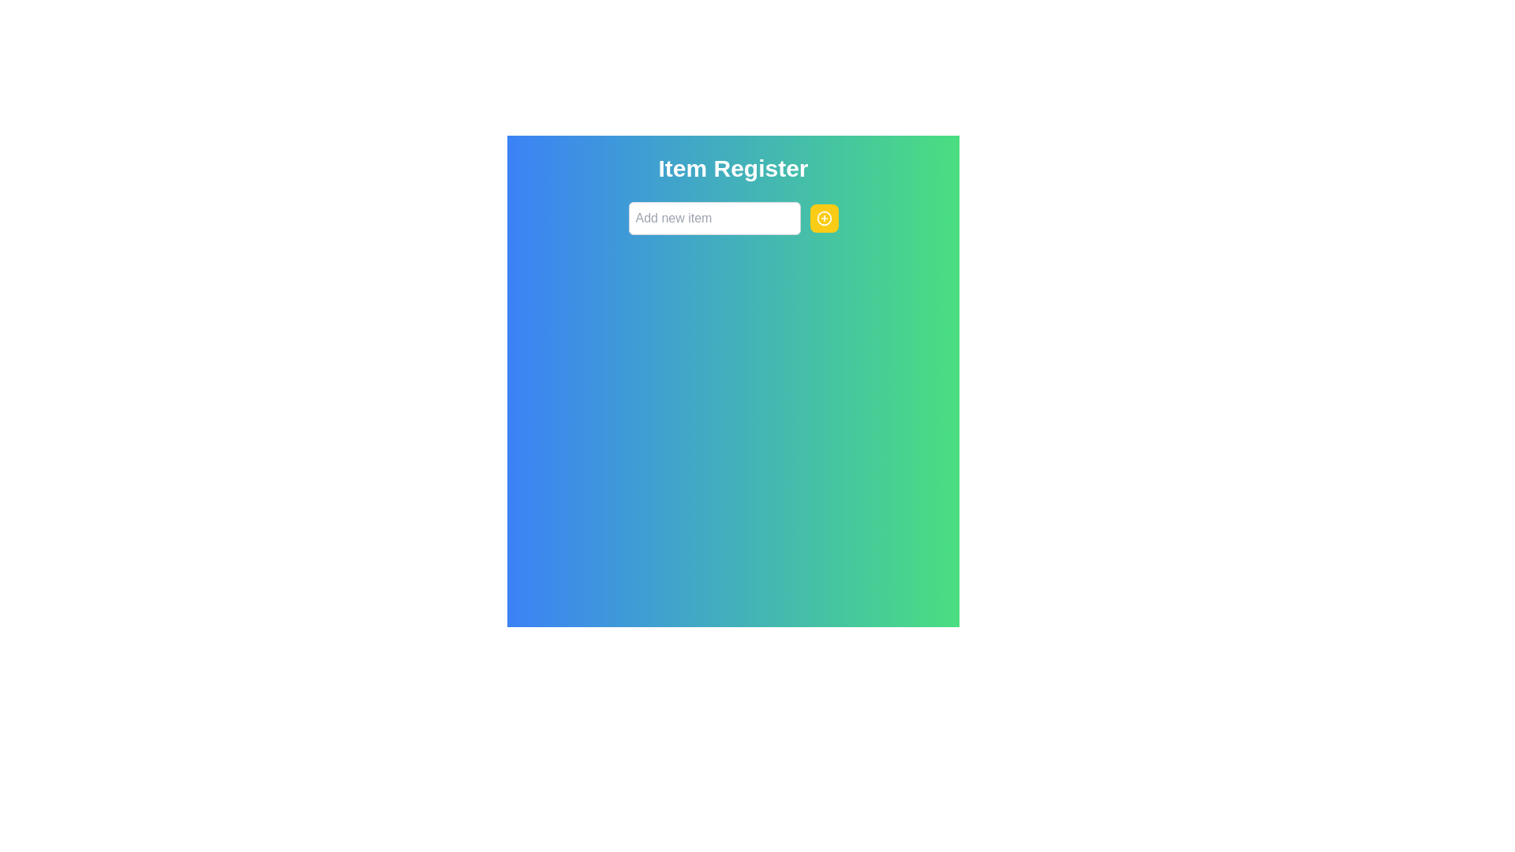  Describe the element at coordinates (823, 219) in the screenshot. I see `the yellow circular button with a '+' icon` at that location.